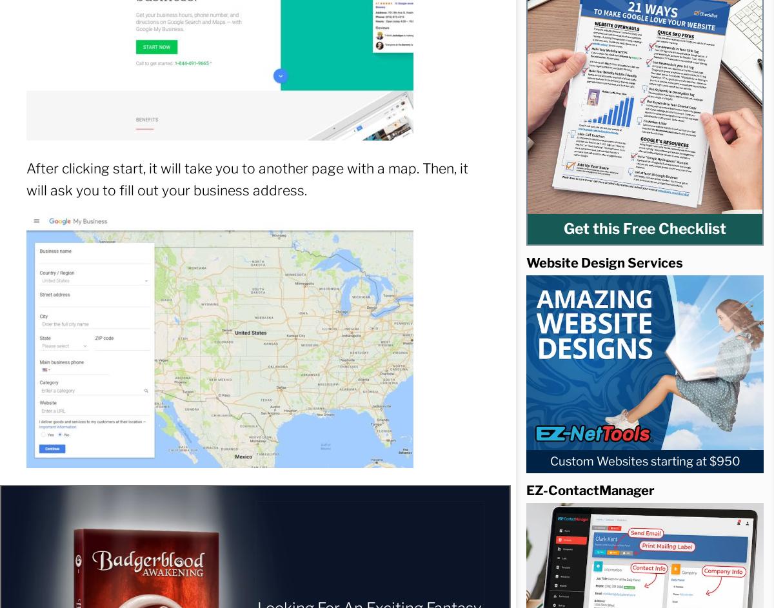 Image resolution: width=774 pixels, height=608 pixels. Describe the element at coordinates (602, 280) in the screenshot. I see `'.'` at that location.